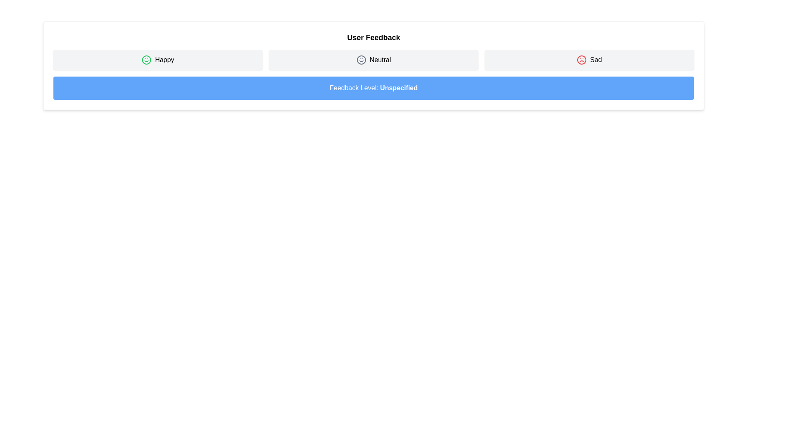 The width and height of the screenshot is (795, 447). What do you see at coordinates (589, 60) in the screenshot?
I see `the 'Sad' feedback button, which is the third button in a row located to the right of 'Happy' and 'Neutral'` at bounding box center [589, 60].